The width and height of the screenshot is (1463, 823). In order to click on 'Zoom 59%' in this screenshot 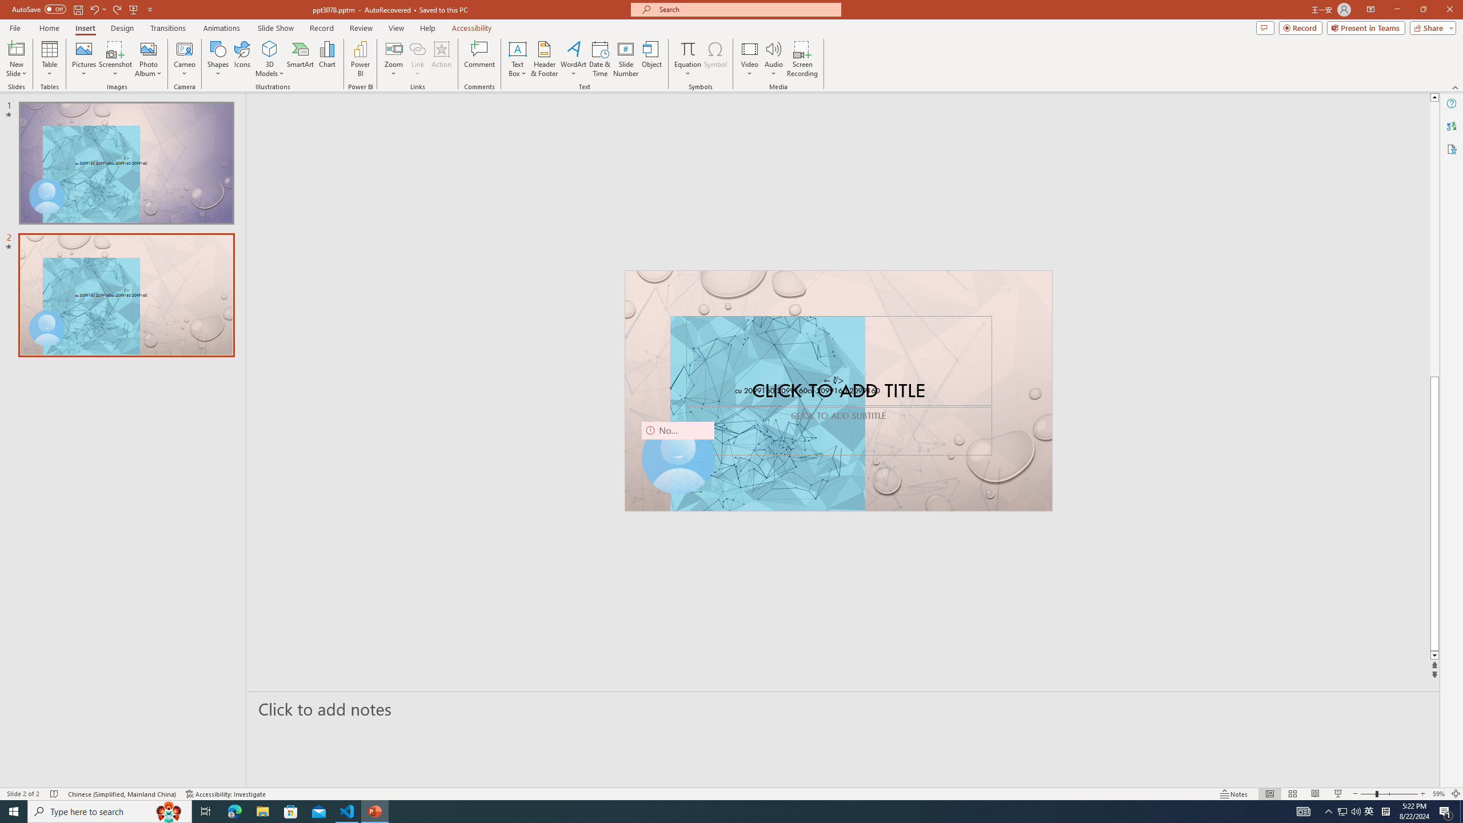, I will do `click(1438, 794)`.